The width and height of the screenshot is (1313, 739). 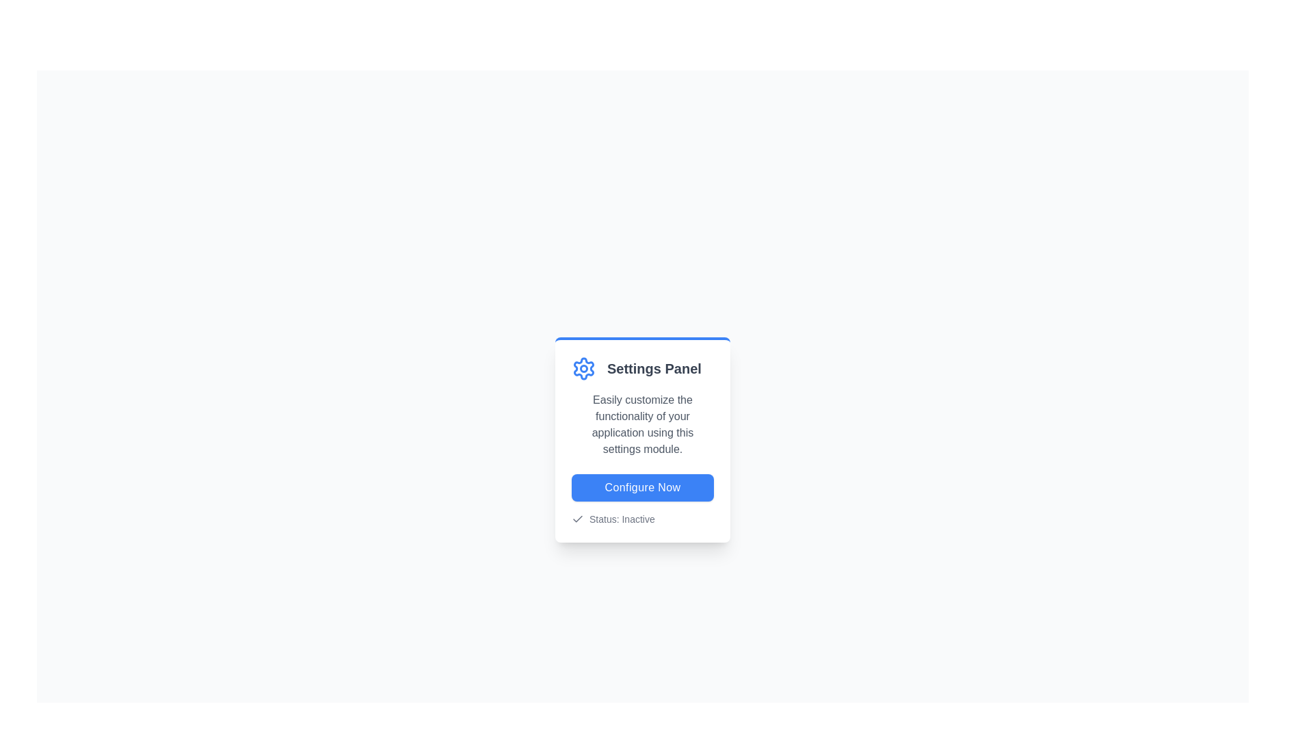 I want to click on SVG circle element that serves as a decorative center point for the gear icon, located to the left of the 'Settings Panel' heading, so click(x=584, y=368).